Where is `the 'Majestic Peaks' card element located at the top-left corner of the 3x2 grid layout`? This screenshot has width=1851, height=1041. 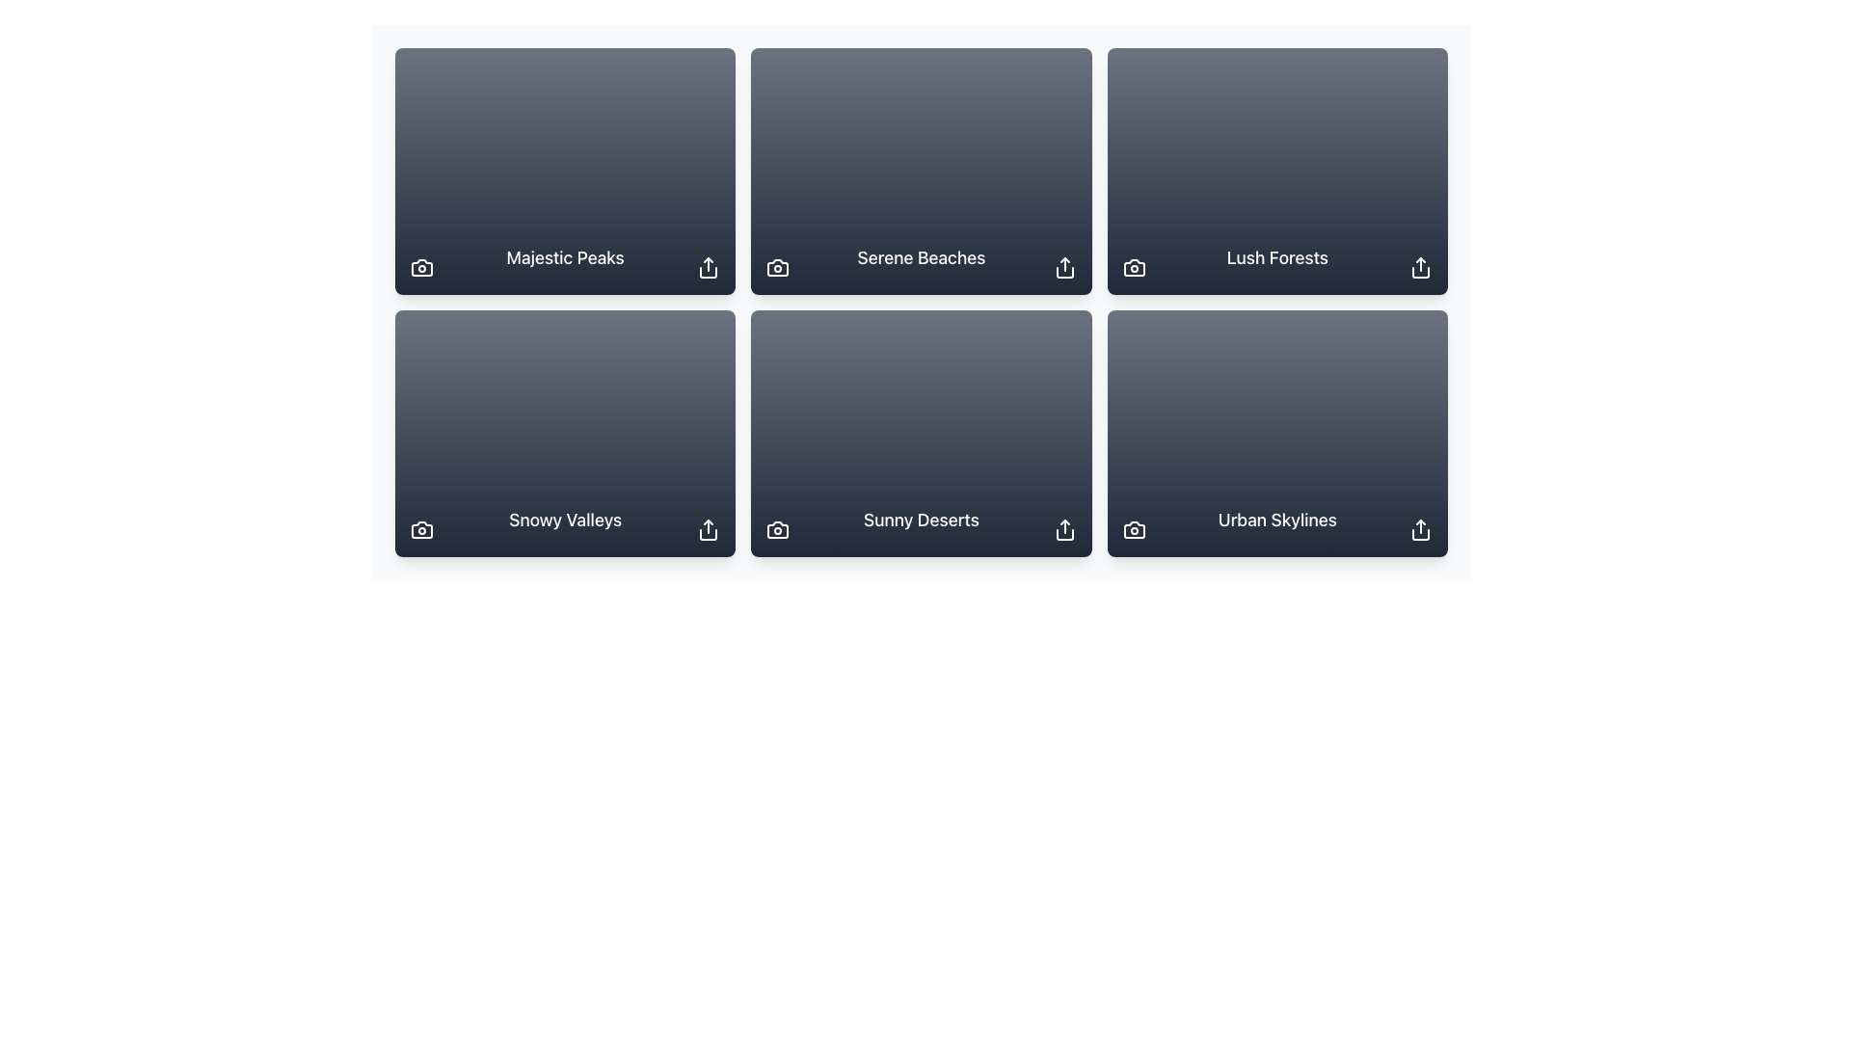
the 'Majestic Peaks' card element located at the top-left corner of the 3x2 grid layout is located at coordinates (564, 170).